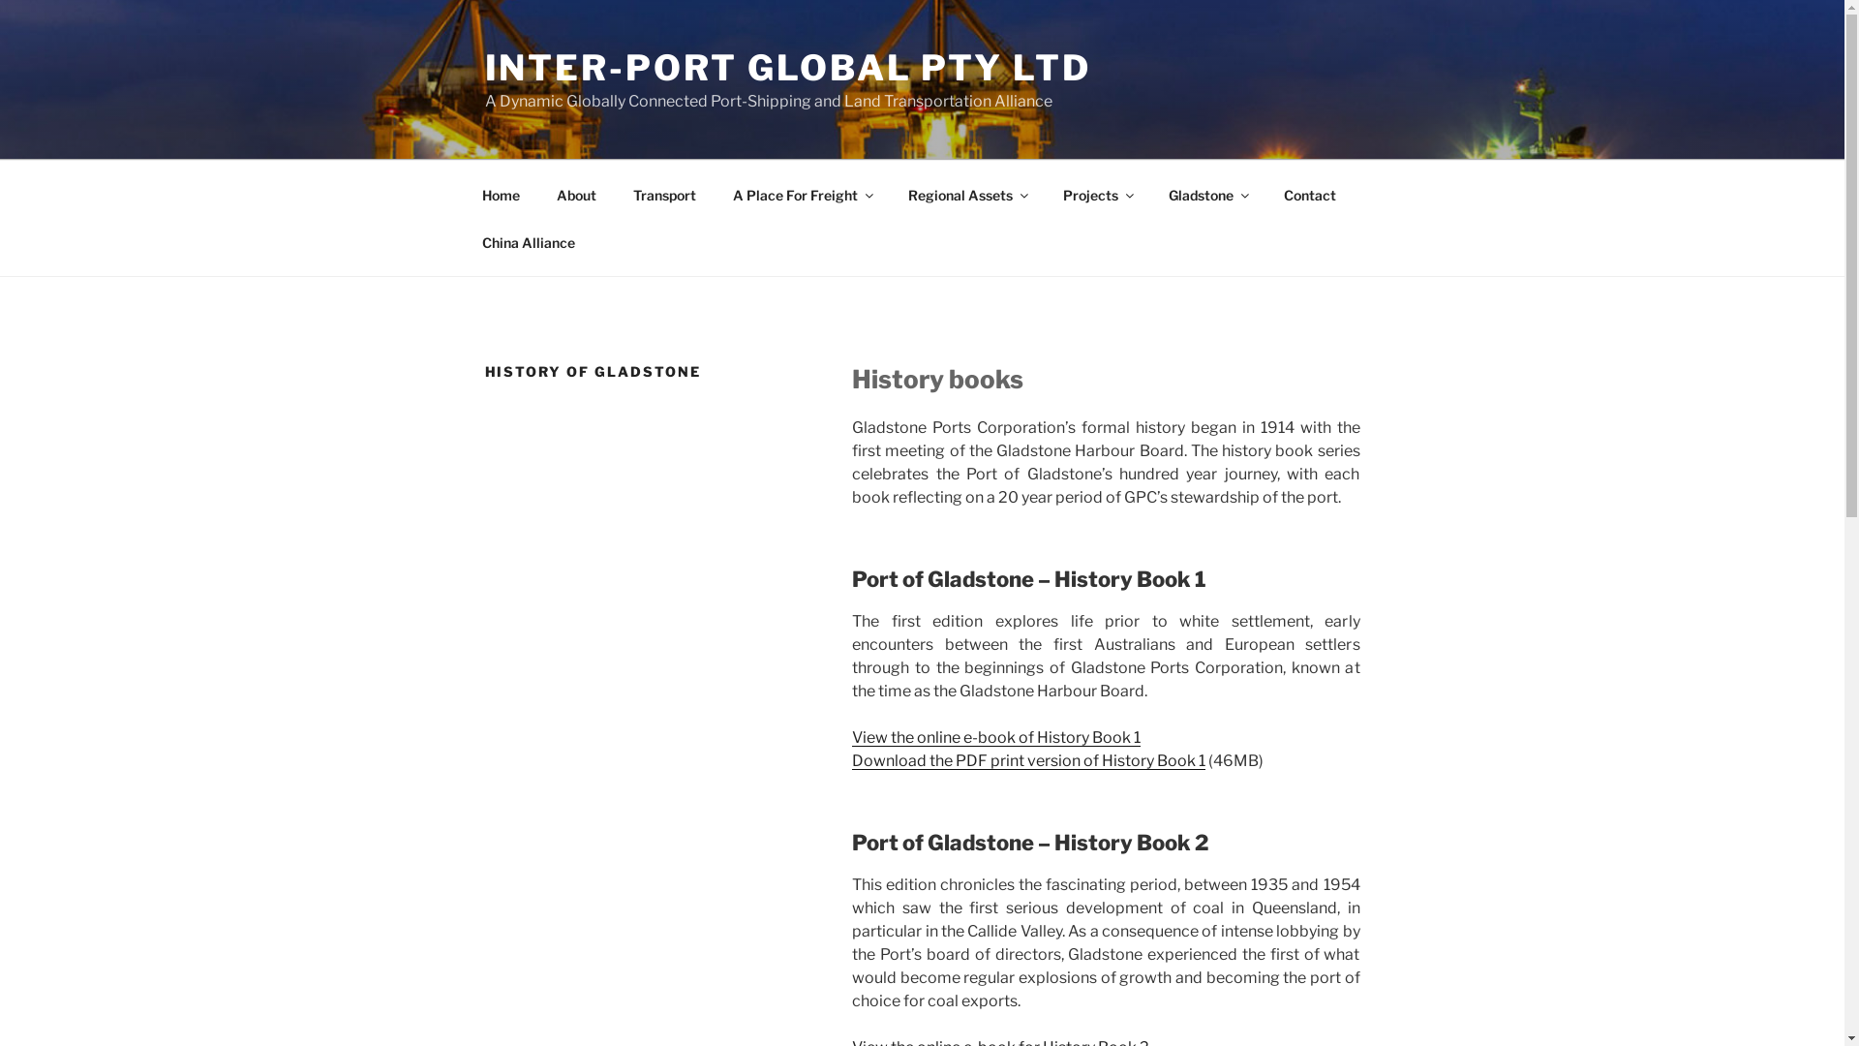 Image resolution: width=1859 pixels, height=1046 pixels. Describe the element at coordinates (1309, 194) in the screenshot. I see `'Contact'` at that location.